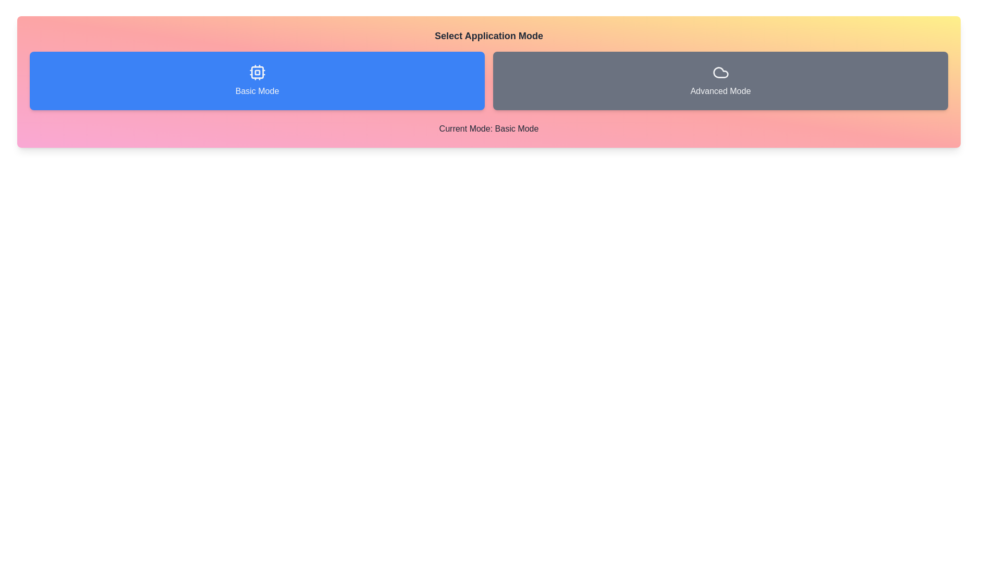 The height and width of the screenshot is (564, 1003). Describe the element at coordinates (720, 80) in the screenshot. I see `the button corresponding to Advanced Mode mode` at that location.